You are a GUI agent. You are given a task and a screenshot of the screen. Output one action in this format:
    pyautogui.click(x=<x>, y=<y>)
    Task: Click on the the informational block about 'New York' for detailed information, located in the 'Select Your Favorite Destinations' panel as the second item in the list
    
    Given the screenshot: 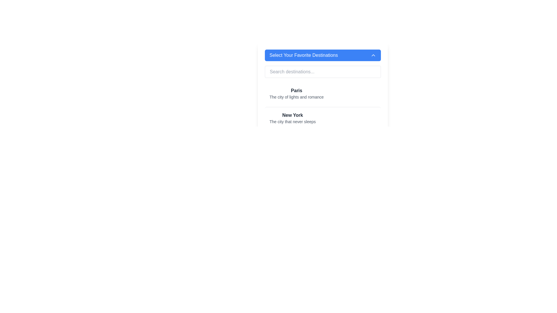 What is the action you would take?
    pyautogui.click(x=323, y=118)
    